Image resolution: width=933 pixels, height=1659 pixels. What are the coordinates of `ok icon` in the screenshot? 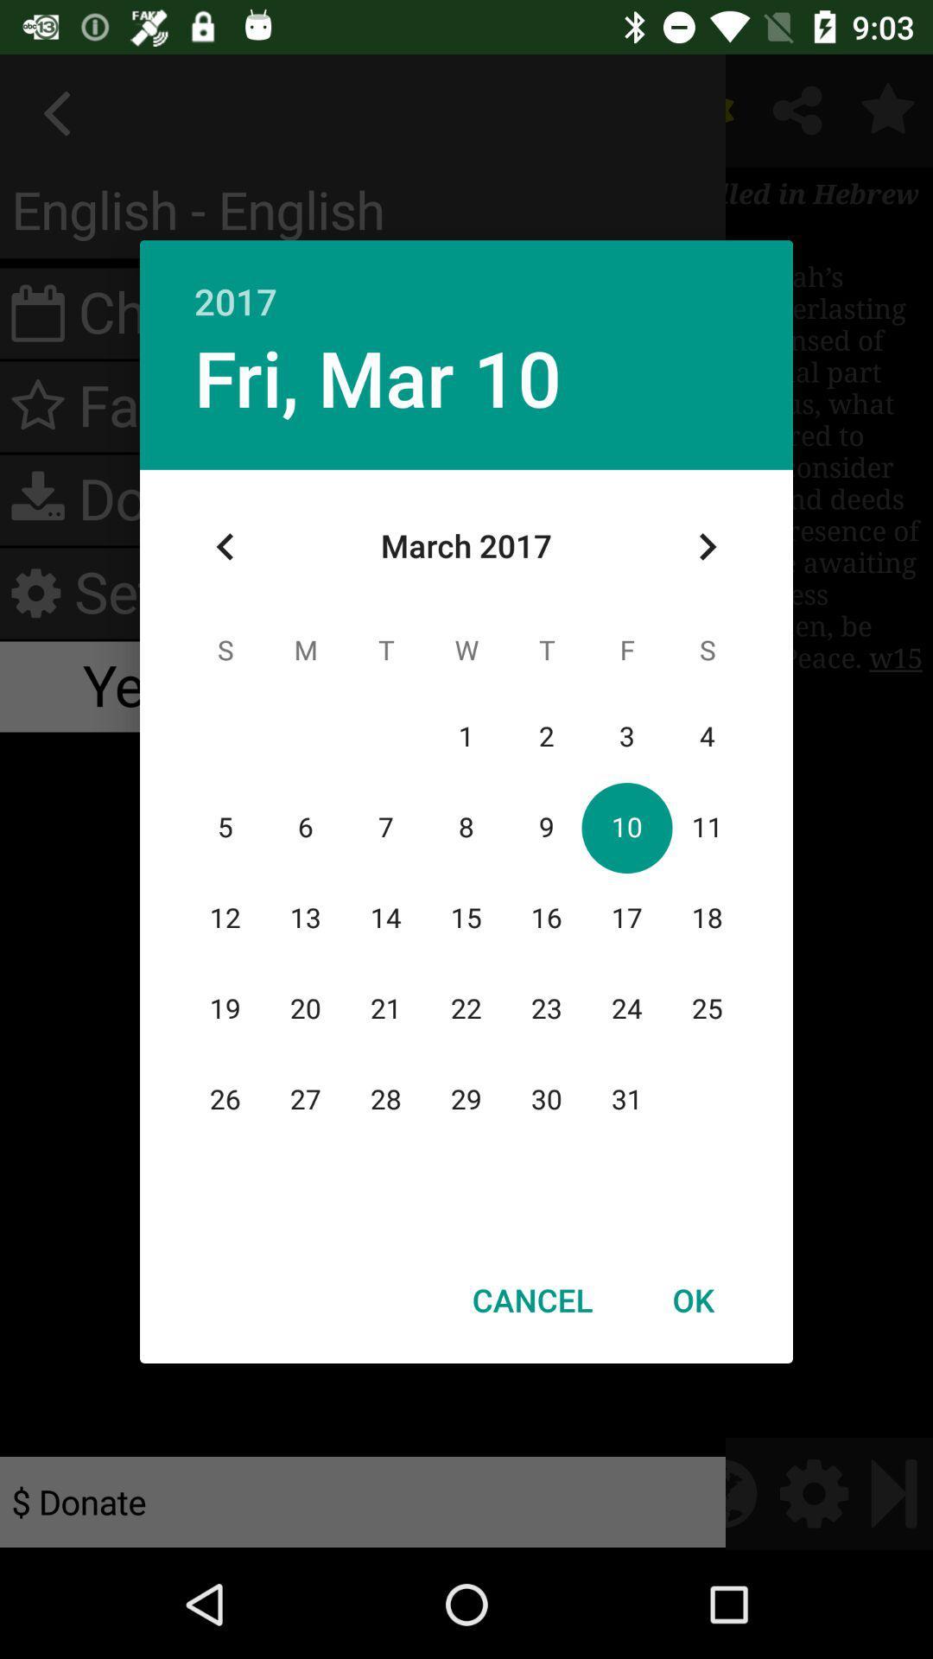 It's located at (692, 1300).